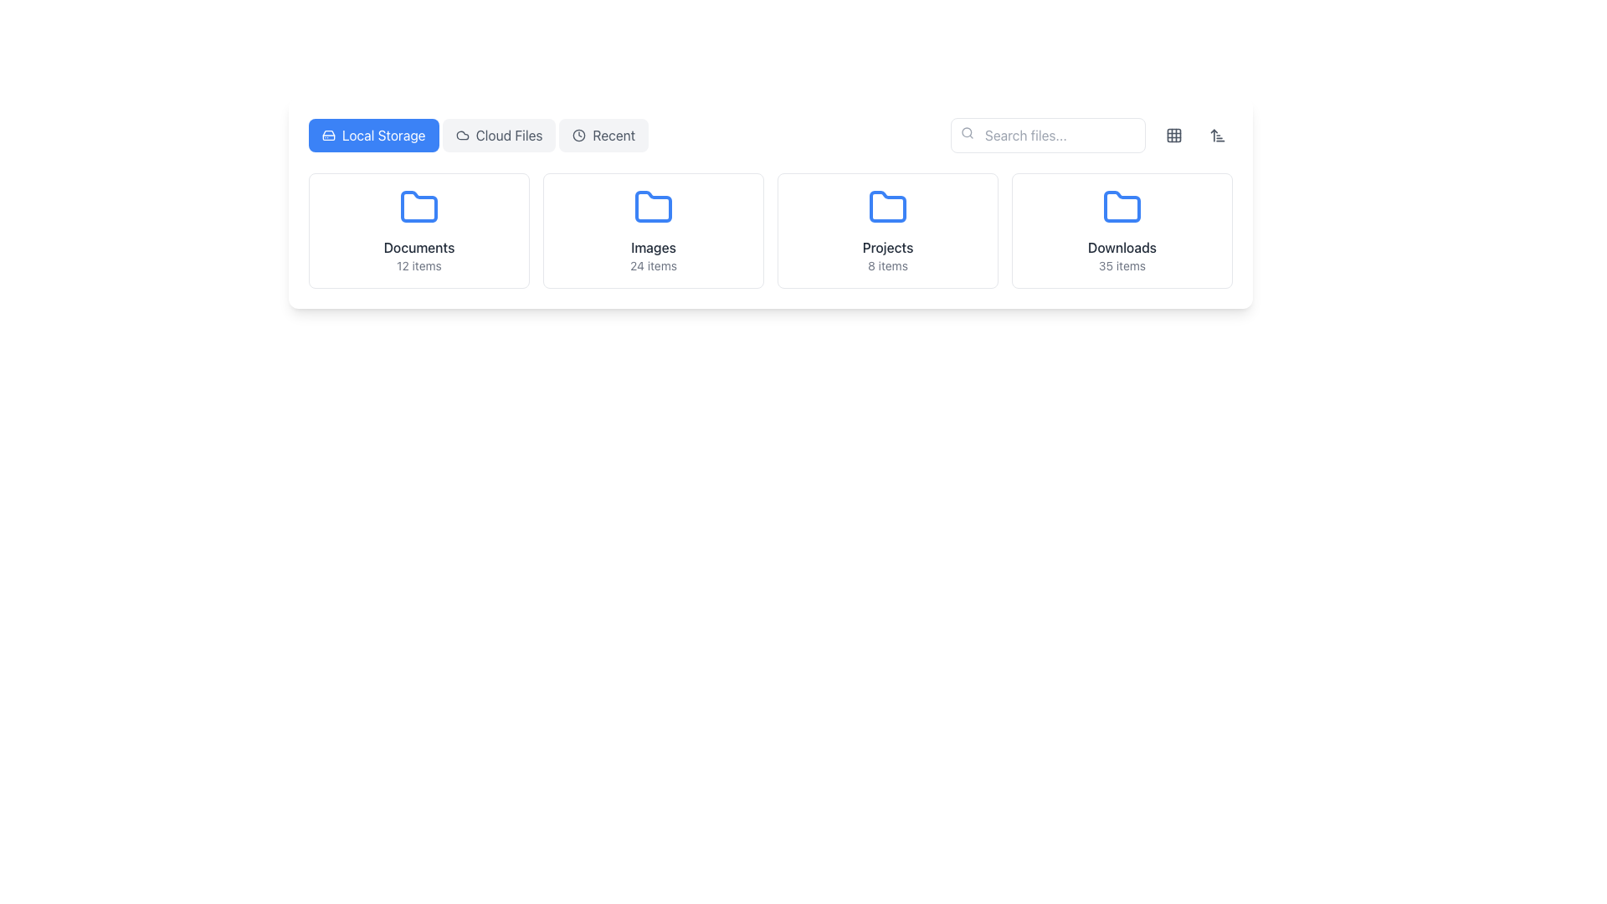  I want to click on text label 'Documents' which is styled in medium-weight gray font, located above the subtext within the first folder card on the left, so click(418, 248).